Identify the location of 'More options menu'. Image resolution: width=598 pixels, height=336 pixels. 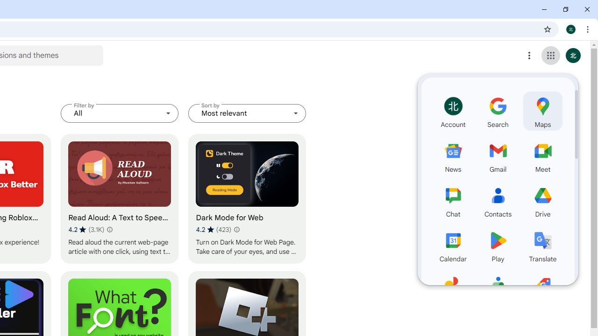
(529, 56).